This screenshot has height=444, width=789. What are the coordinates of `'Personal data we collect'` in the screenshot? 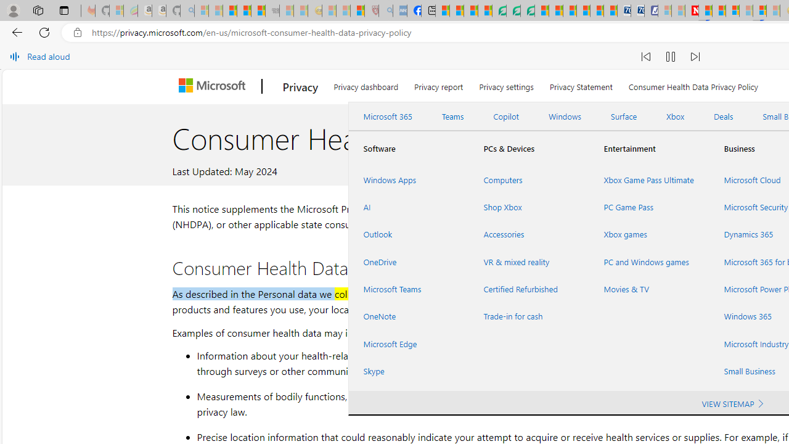 It's located at (310, 294).